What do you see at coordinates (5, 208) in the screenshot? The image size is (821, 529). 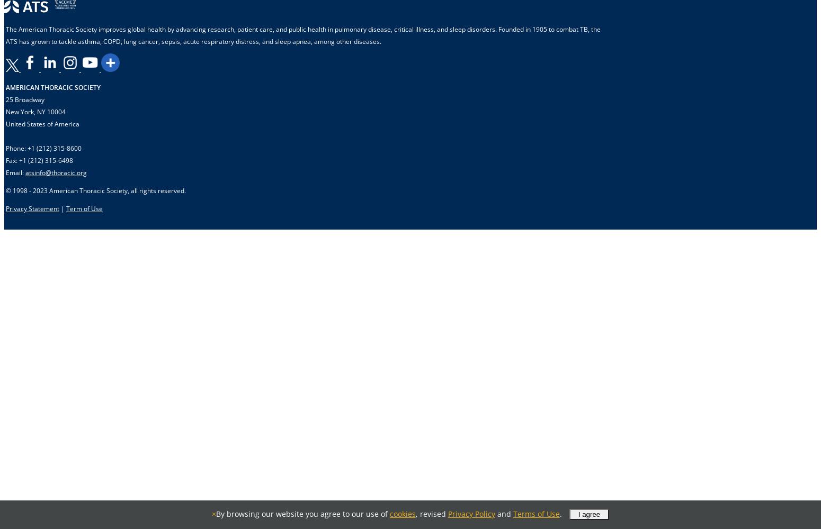 I see `'Privacy Statement'` at bounding box center [5, 208].